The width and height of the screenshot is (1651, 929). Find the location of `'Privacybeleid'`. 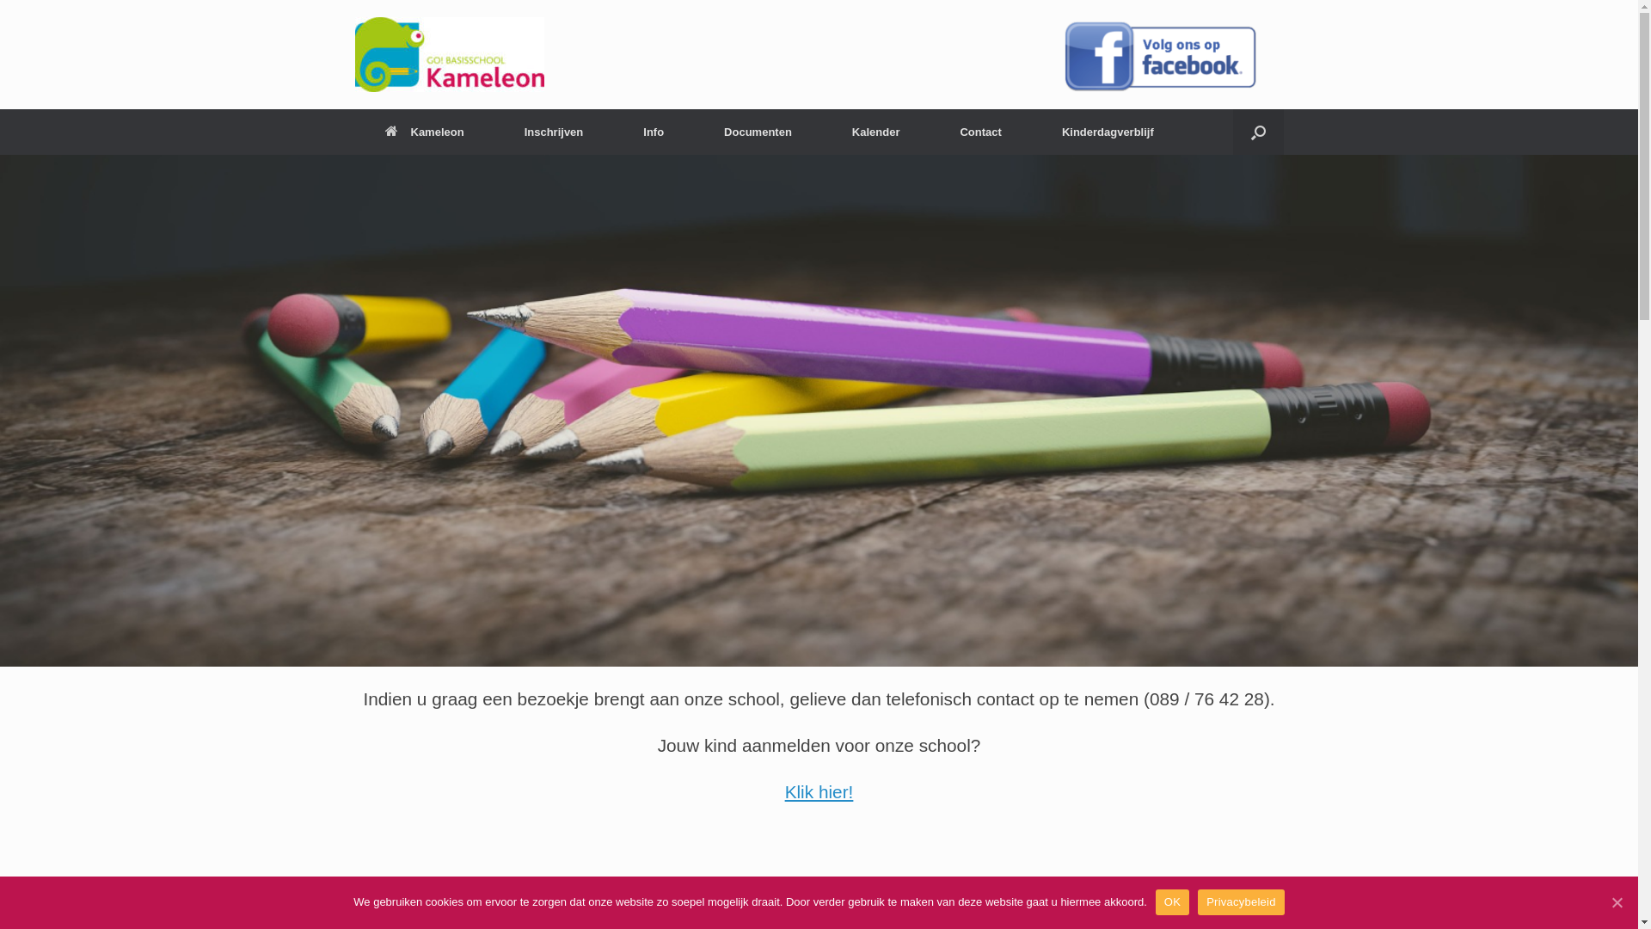

'Privacybeleid' is located at coordinates (1241, 901).